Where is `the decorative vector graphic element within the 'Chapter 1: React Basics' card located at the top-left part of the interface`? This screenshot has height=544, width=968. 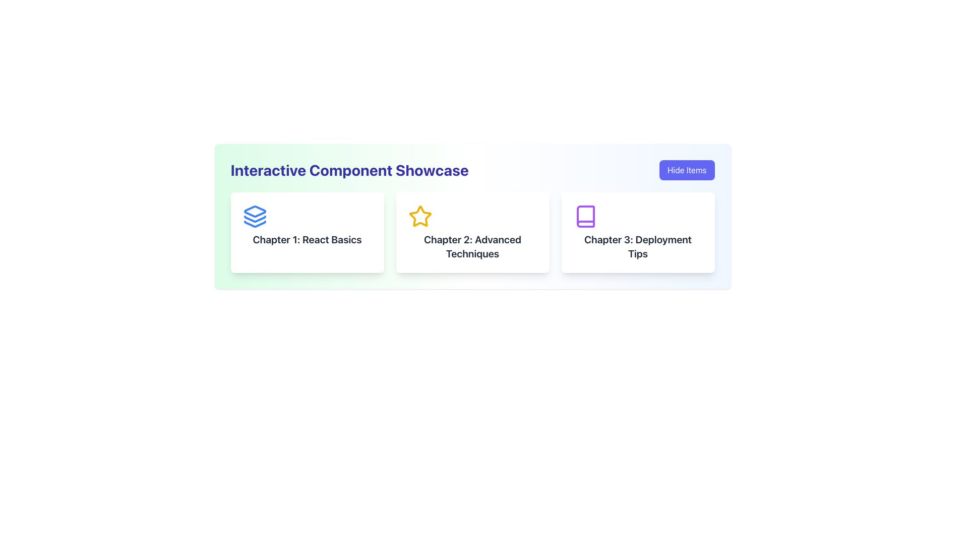 the decorative vector graphic element within the 'Chapter 1: React Basics' card located at the top-left part of the interface is located at coordinates (255, 219).